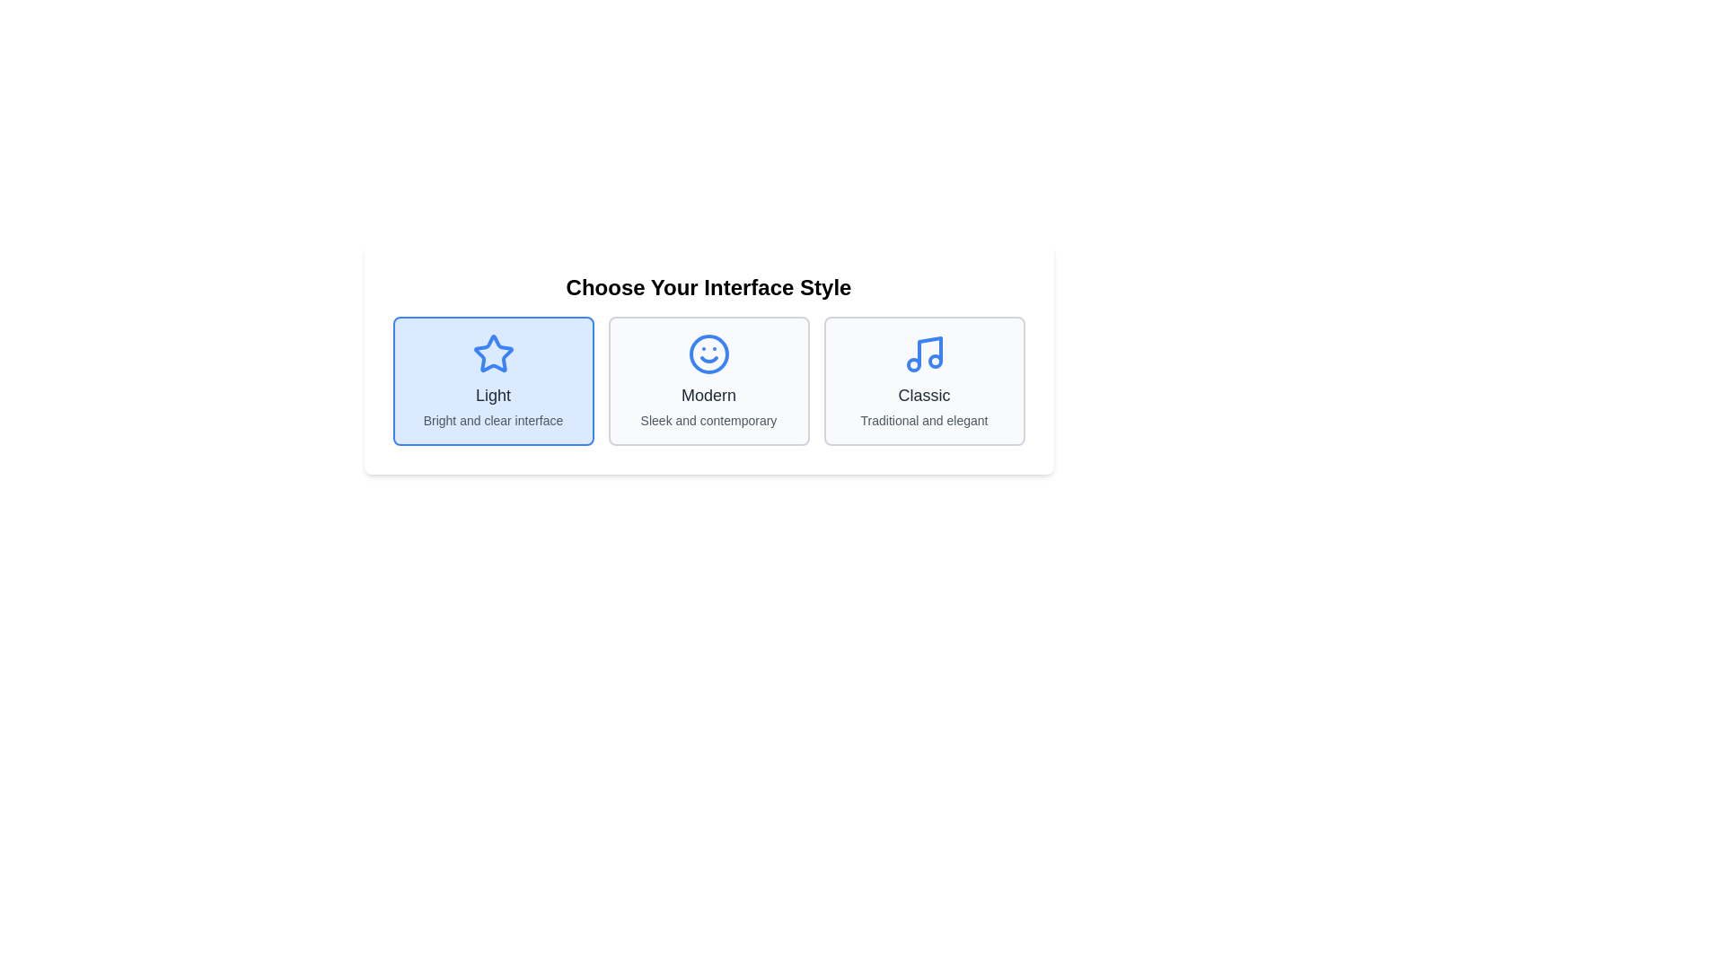  I want to click on the smiling face icon with a vivid blue outline in the 'Modern' section of the interface, so click(708, 354).